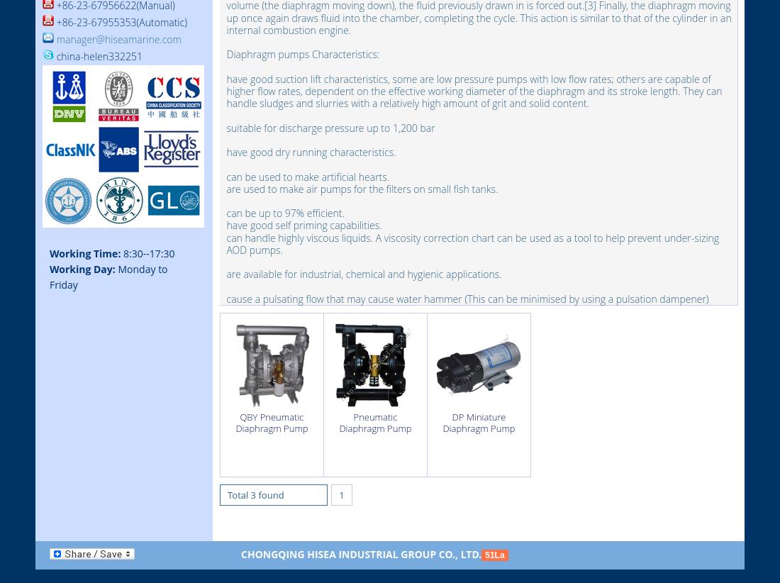 The height and width of the screenshot is (583, 780). I want to click on '8:30--17:30', so click(147, 252).